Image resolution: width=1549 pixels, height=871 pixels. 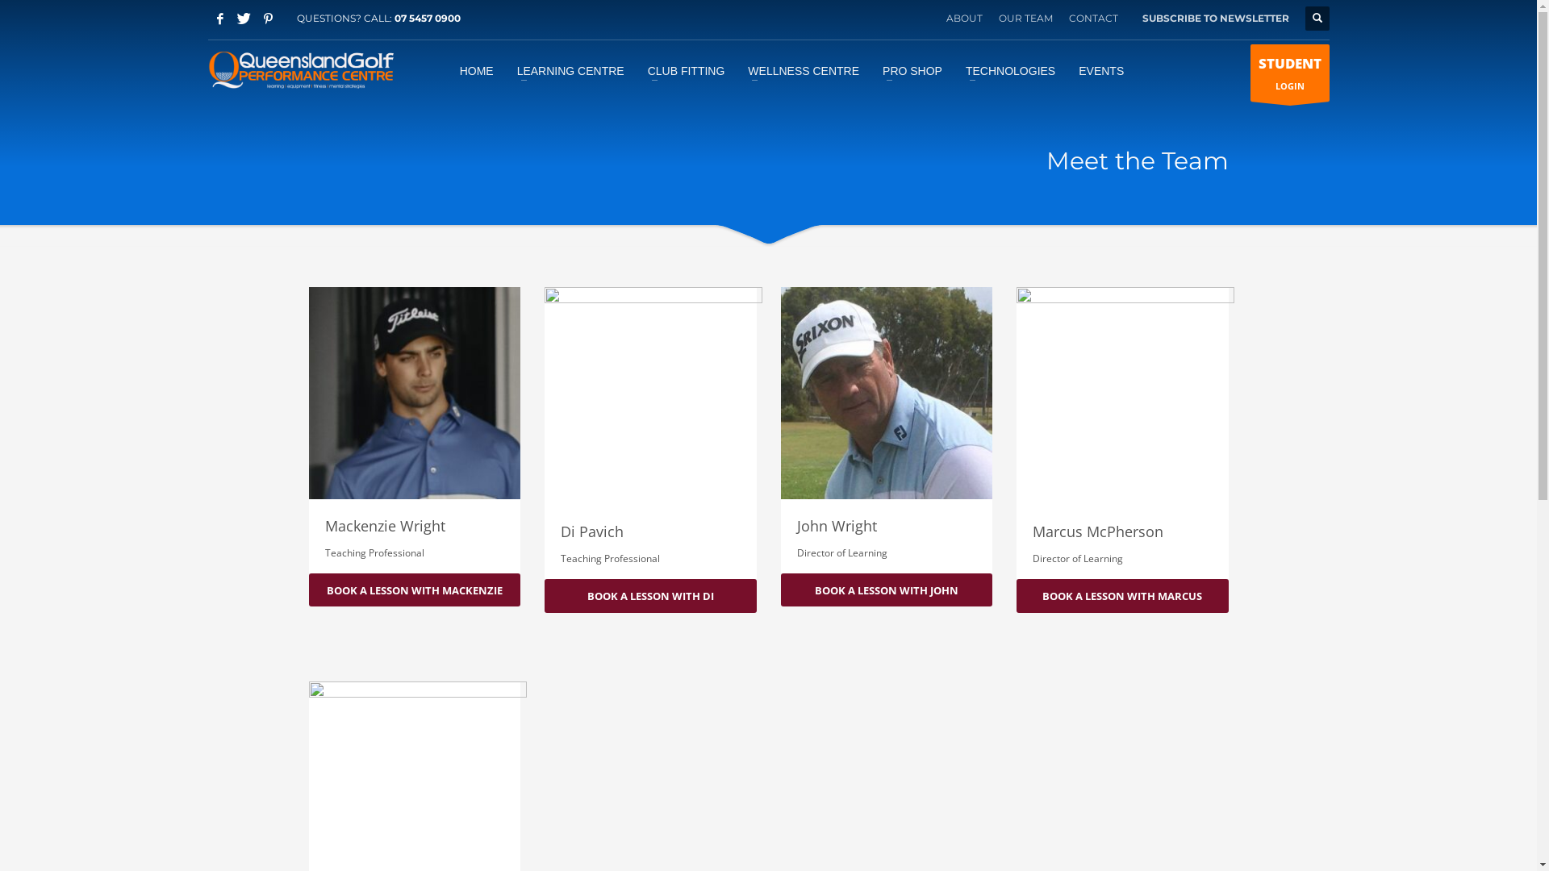 What do you see at coordinates (449, 69) in the screenshot?
I see `'HOME'` at bounding box center [449, 69].